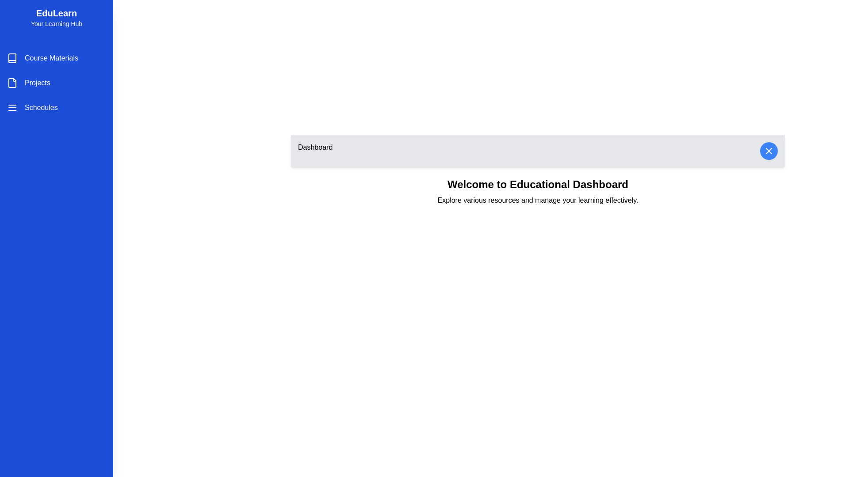  I want to click on the white horizontal triple-line 'menu' icon located to the left of the 'Schedules' label in the sidebar, so click(12, 107).